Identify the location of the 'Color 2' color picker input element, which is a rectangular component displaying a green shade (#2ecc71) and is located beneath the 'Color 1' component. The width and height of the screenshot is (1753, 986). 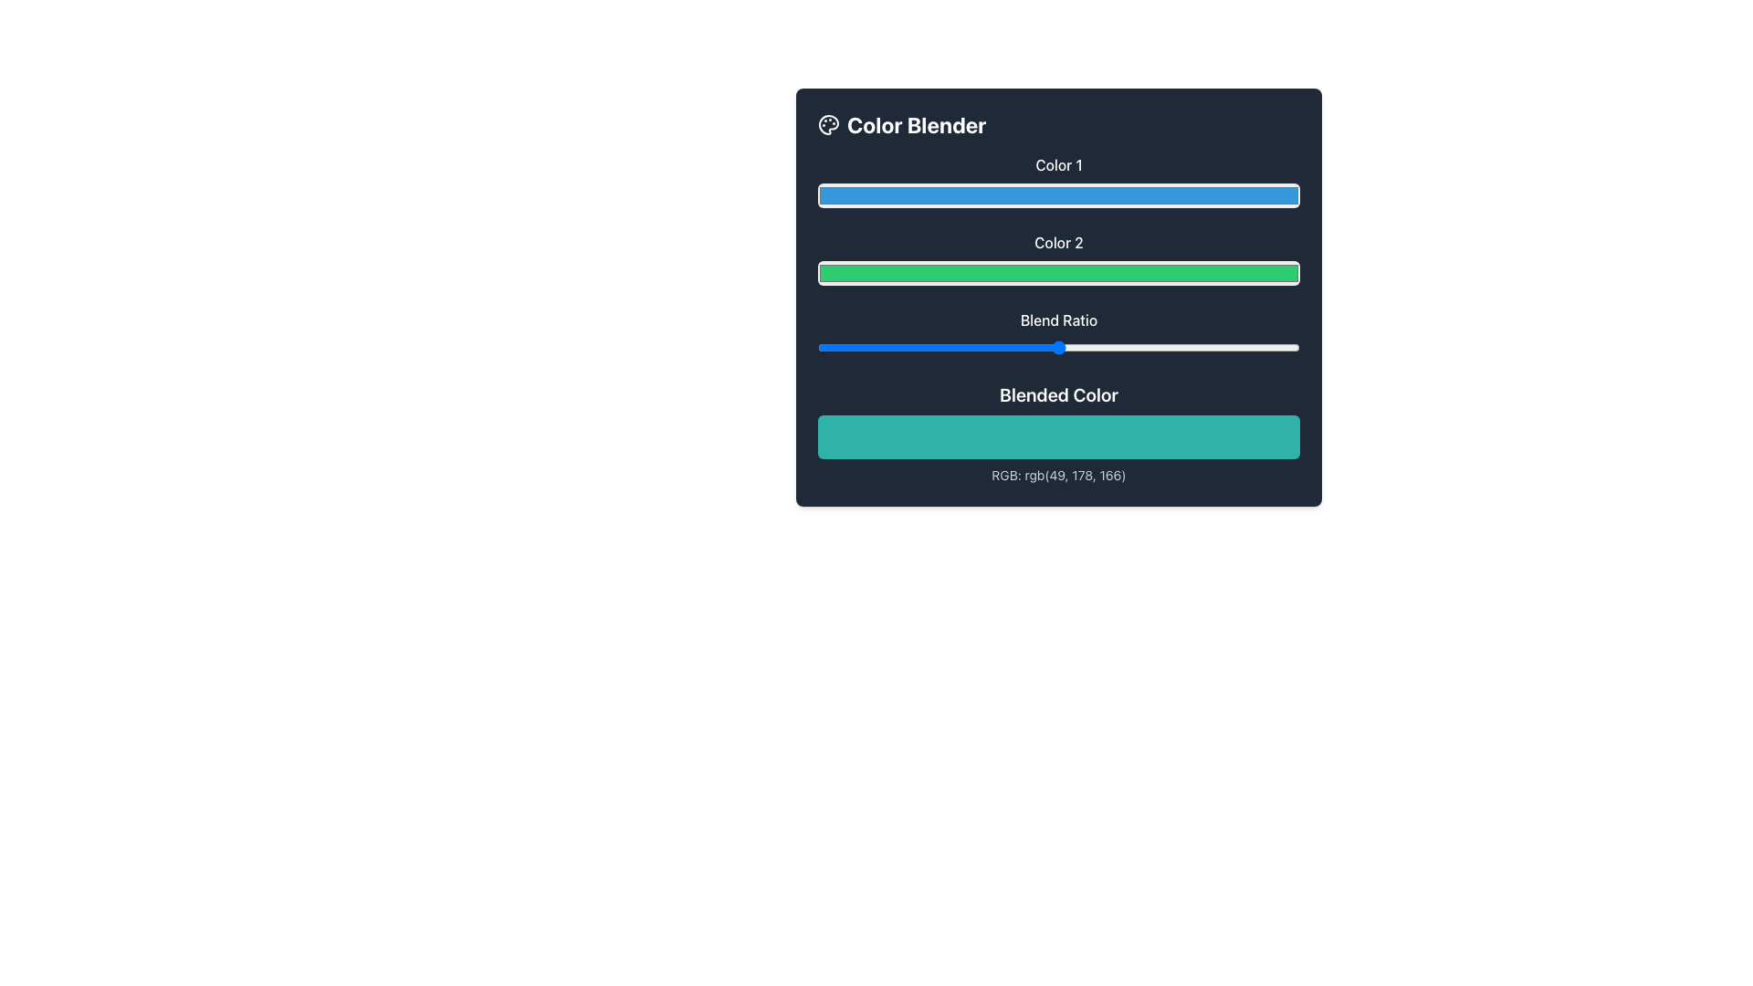
(1059, 259).